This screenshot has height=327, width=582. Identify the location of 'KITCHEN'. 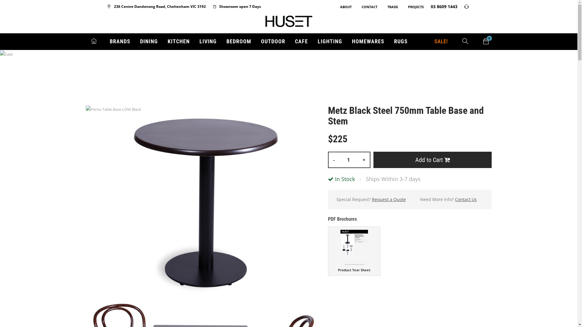
(178, 41).